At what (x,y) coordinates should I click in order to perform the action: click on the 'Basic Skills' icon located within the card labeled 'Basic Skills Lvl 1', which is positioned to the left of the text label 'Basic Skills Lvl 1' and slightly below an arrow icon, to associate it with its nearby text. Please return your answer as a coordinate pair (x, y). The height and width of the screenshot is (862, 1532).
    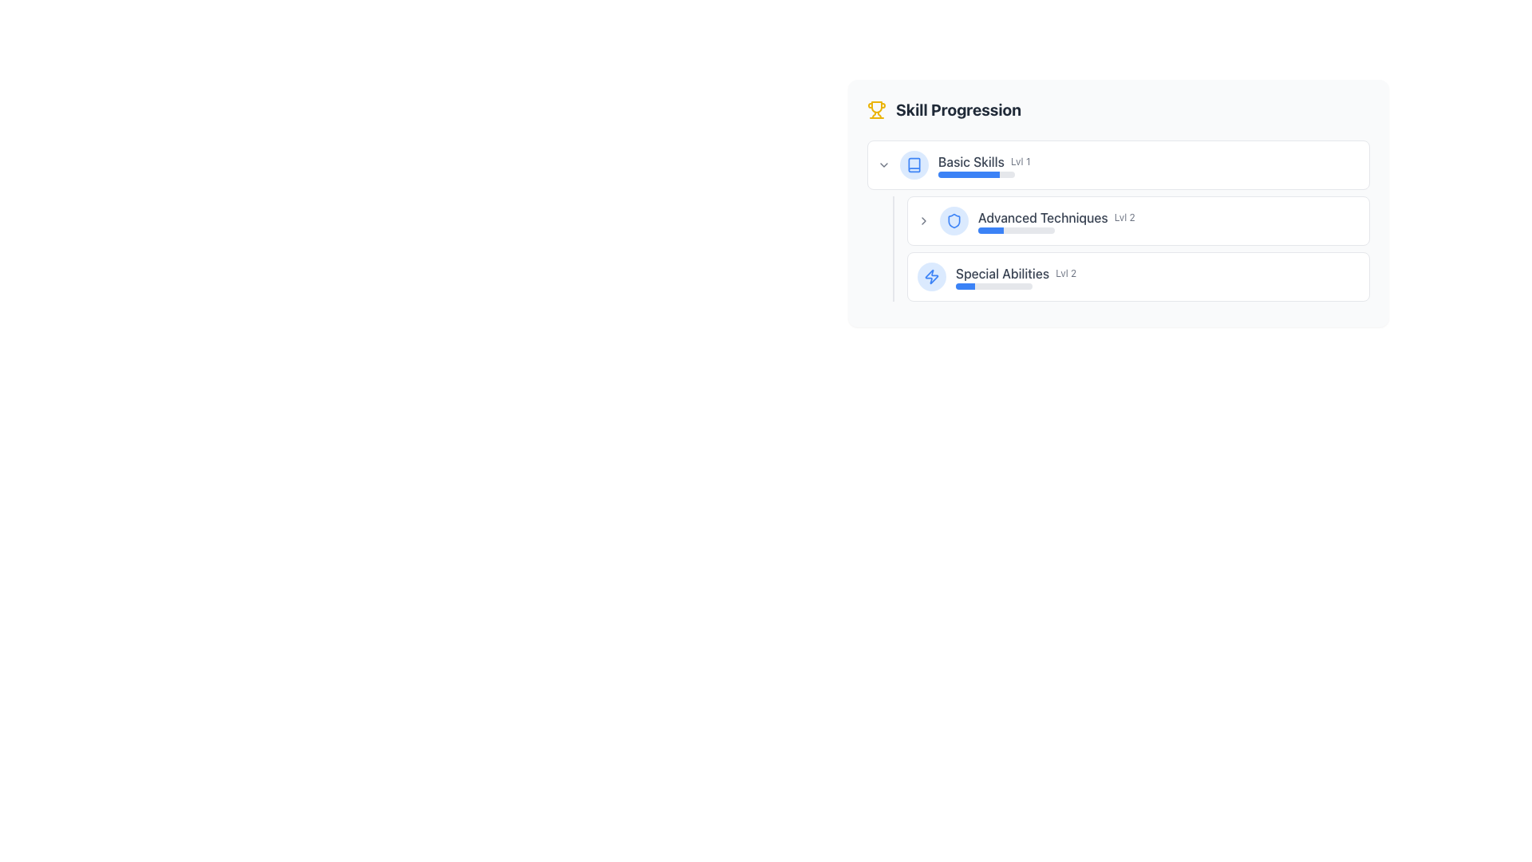
    Looking at the image, I should click on (914, 165).